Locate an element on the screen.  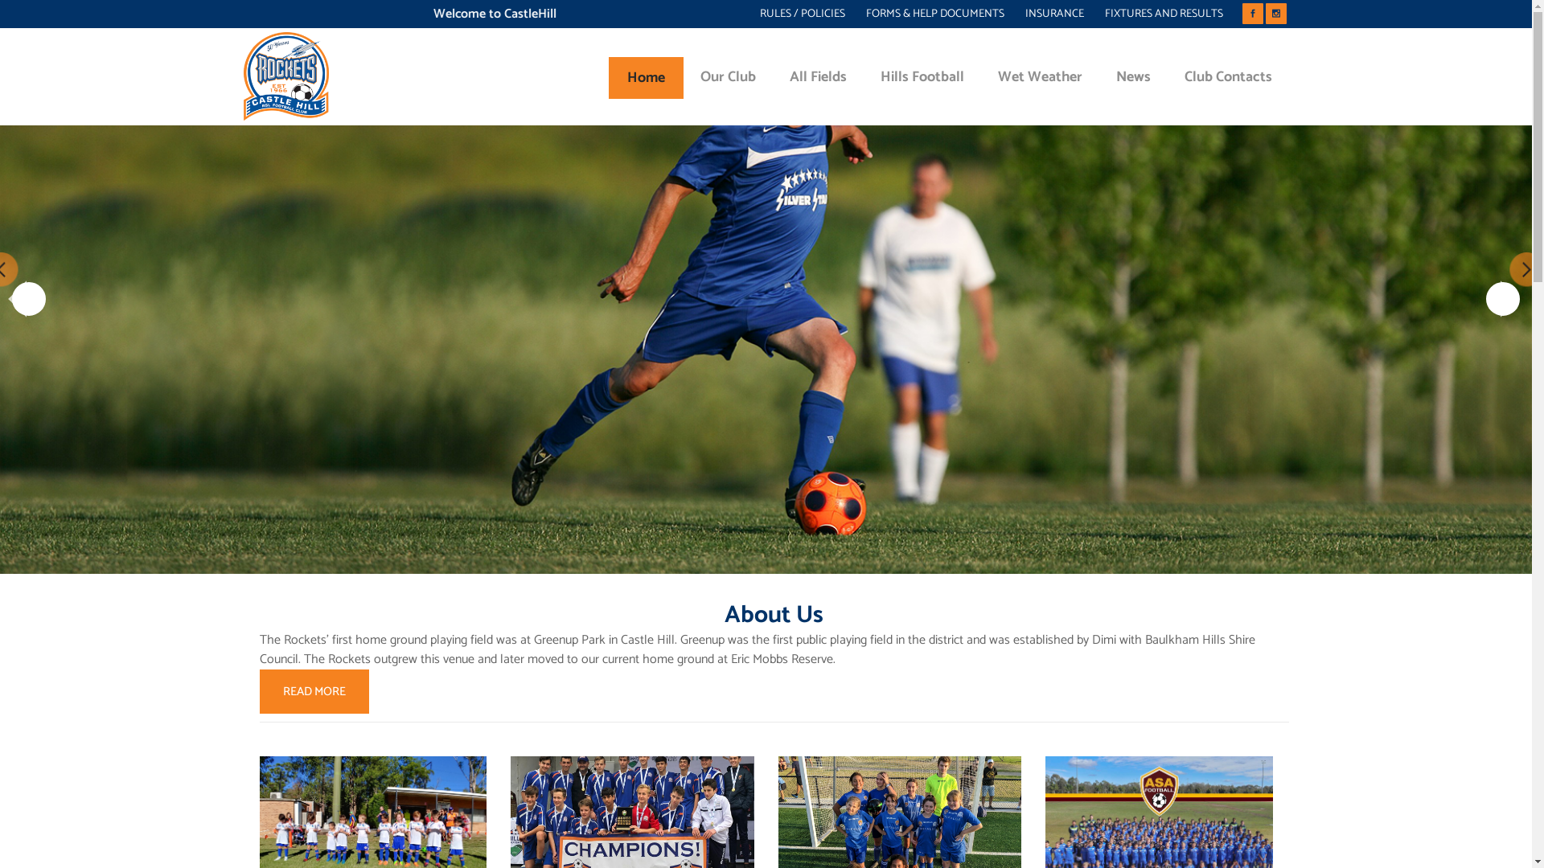
'News' is located at coordinates (1098, 77).